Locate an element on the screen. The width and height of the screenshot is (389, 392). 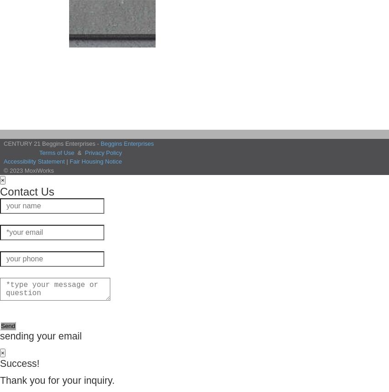
'© 2023 MoxiWorks' is located at coordinates (3, 170).